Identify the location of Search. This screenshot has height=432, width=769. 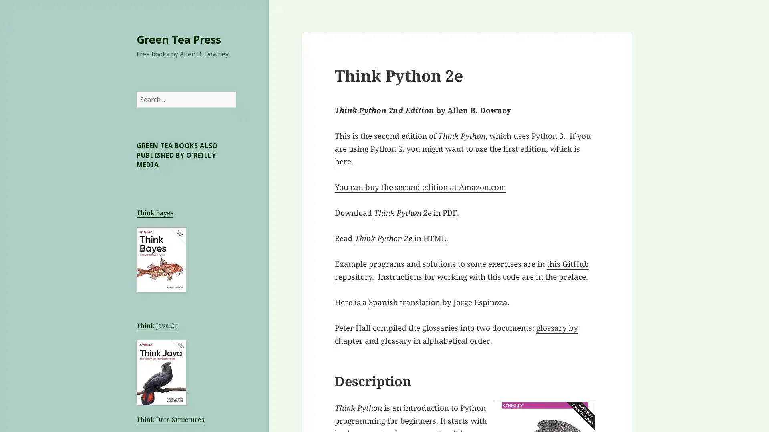
(235, 91).